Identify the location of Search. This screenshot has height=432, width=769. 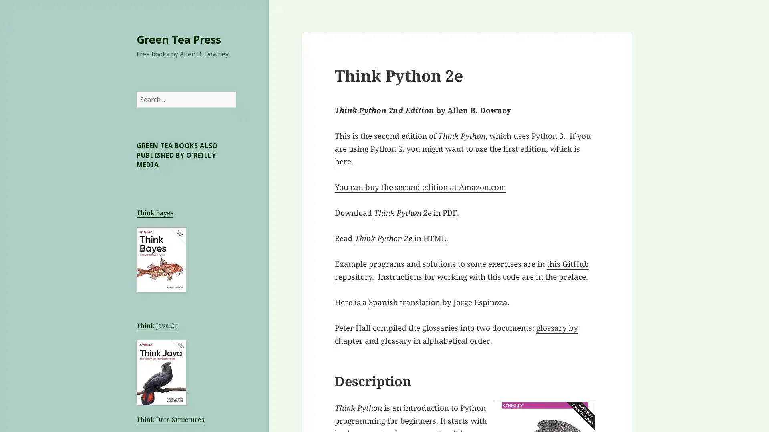
(235, 91).